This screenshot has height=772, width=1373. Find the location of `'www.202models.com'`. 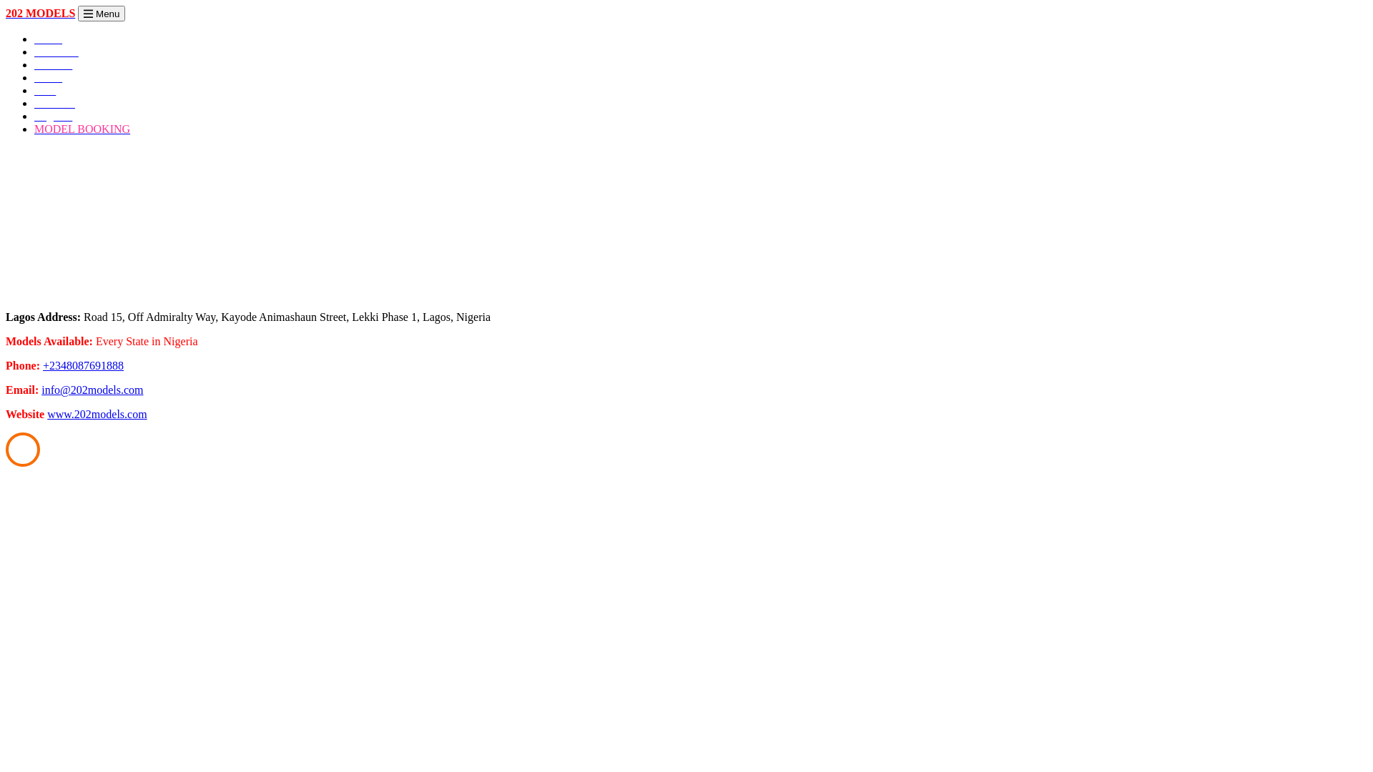

'www.202models.com' is located at coordinates (96, 414).